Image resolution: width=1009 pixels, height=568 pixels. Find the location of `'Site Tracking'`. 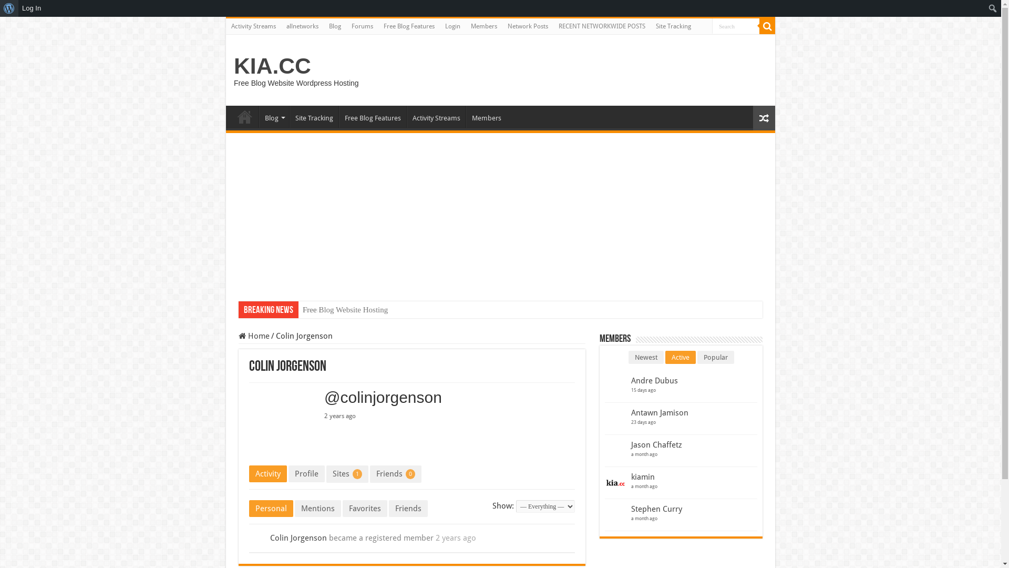

'Site Tracking' is located at coordinates (313, 117).